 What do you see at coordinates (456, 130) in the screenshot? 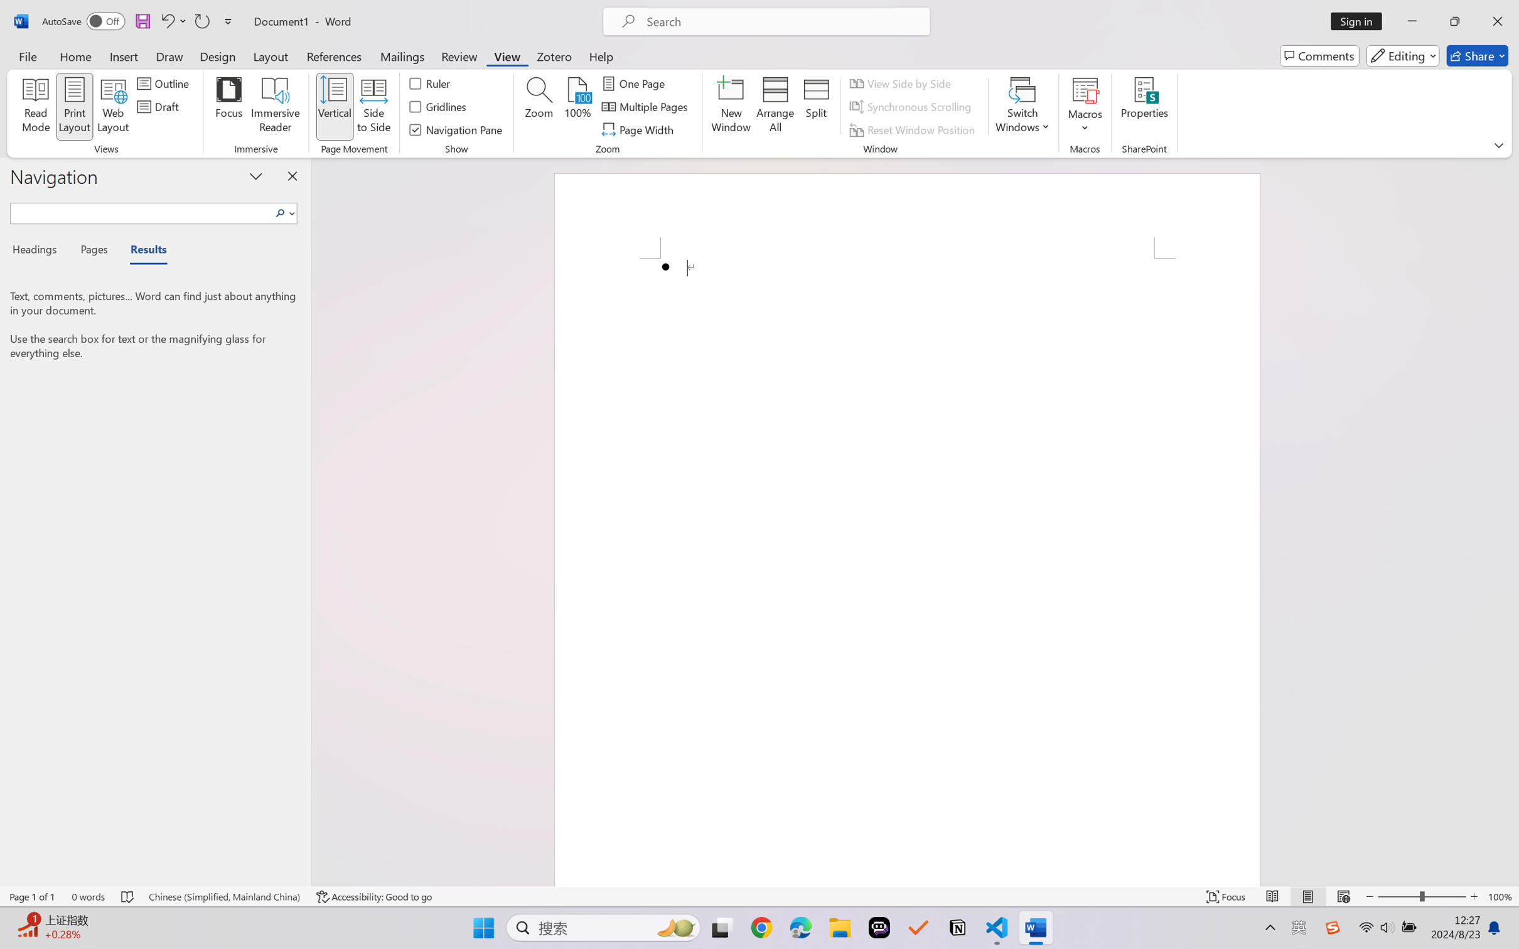
I see `'Navigation Pane'` at bounding box center [456, 130].